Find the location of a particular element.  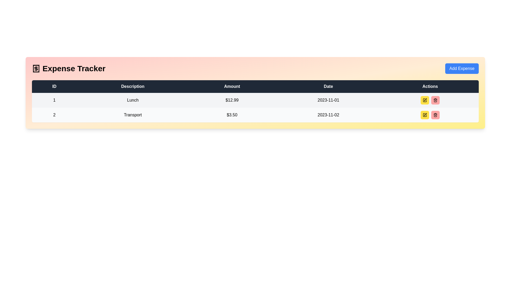

the Text Label displaying the date in the fourth column of the first data row, which indicates the associated entry's timestamp or event date is located at coordinates (328, 100).